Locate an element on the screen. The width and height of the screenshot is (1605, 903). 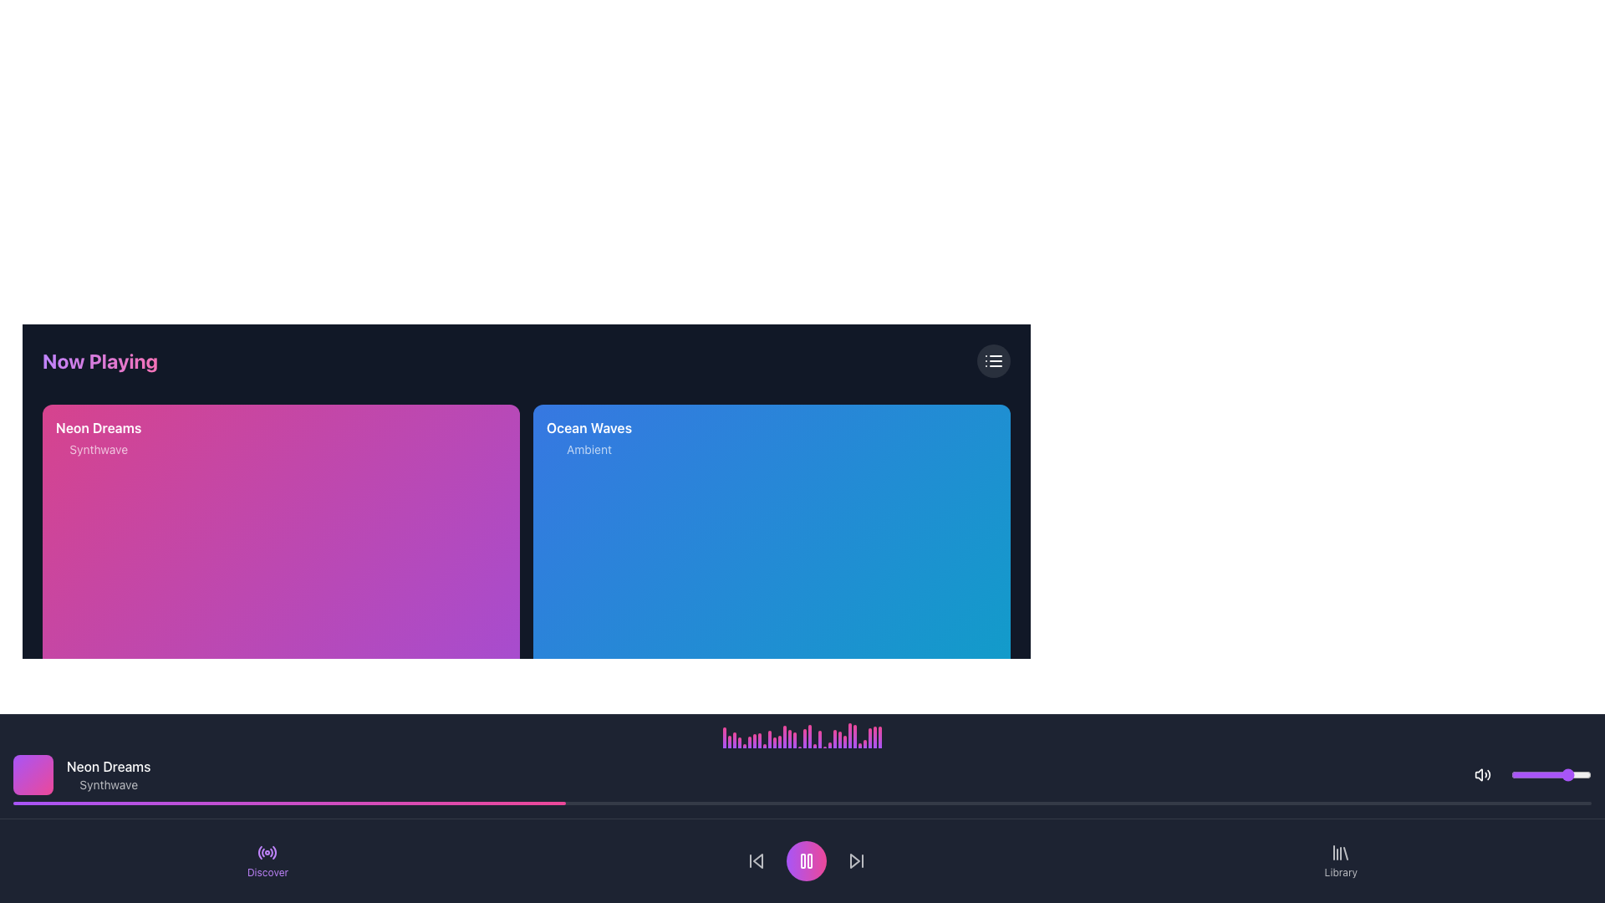
the 27th graphical bar in the visual equalizer as a visual indicator is located at coordinates (845, 737).